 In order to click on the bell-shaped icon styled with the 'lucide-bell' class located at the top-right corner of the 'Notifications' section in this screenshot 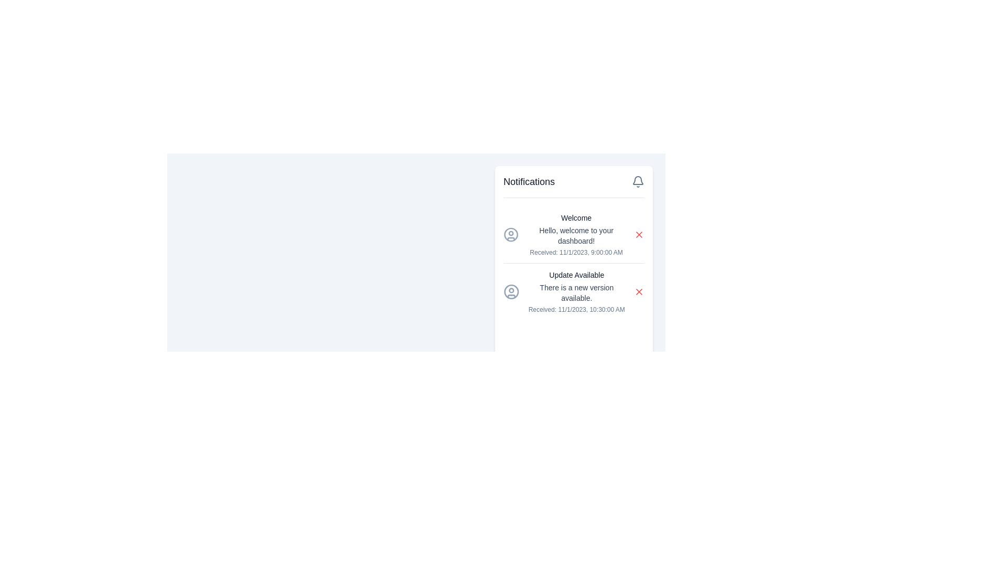, I will do `click(638, 181)`.